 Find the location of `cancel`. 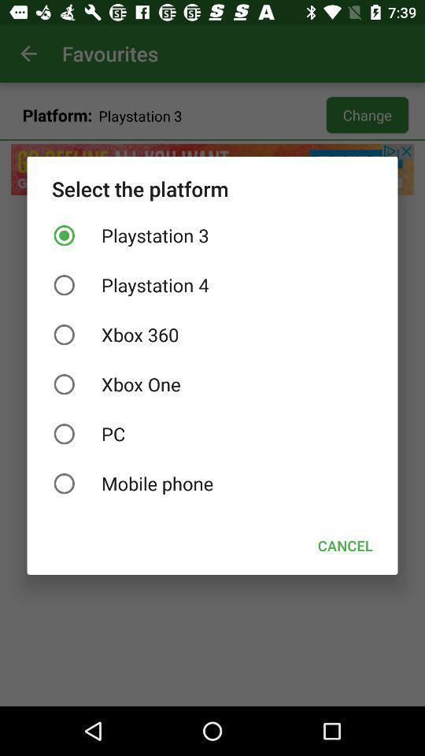

cancel is located at coordinates (344, 546).